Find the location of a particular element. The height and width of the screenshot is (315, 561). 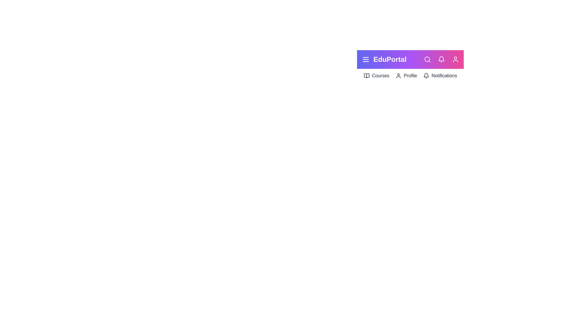

the menu item Notifications to navigate to the respective section is located at coordinates (440, 75).